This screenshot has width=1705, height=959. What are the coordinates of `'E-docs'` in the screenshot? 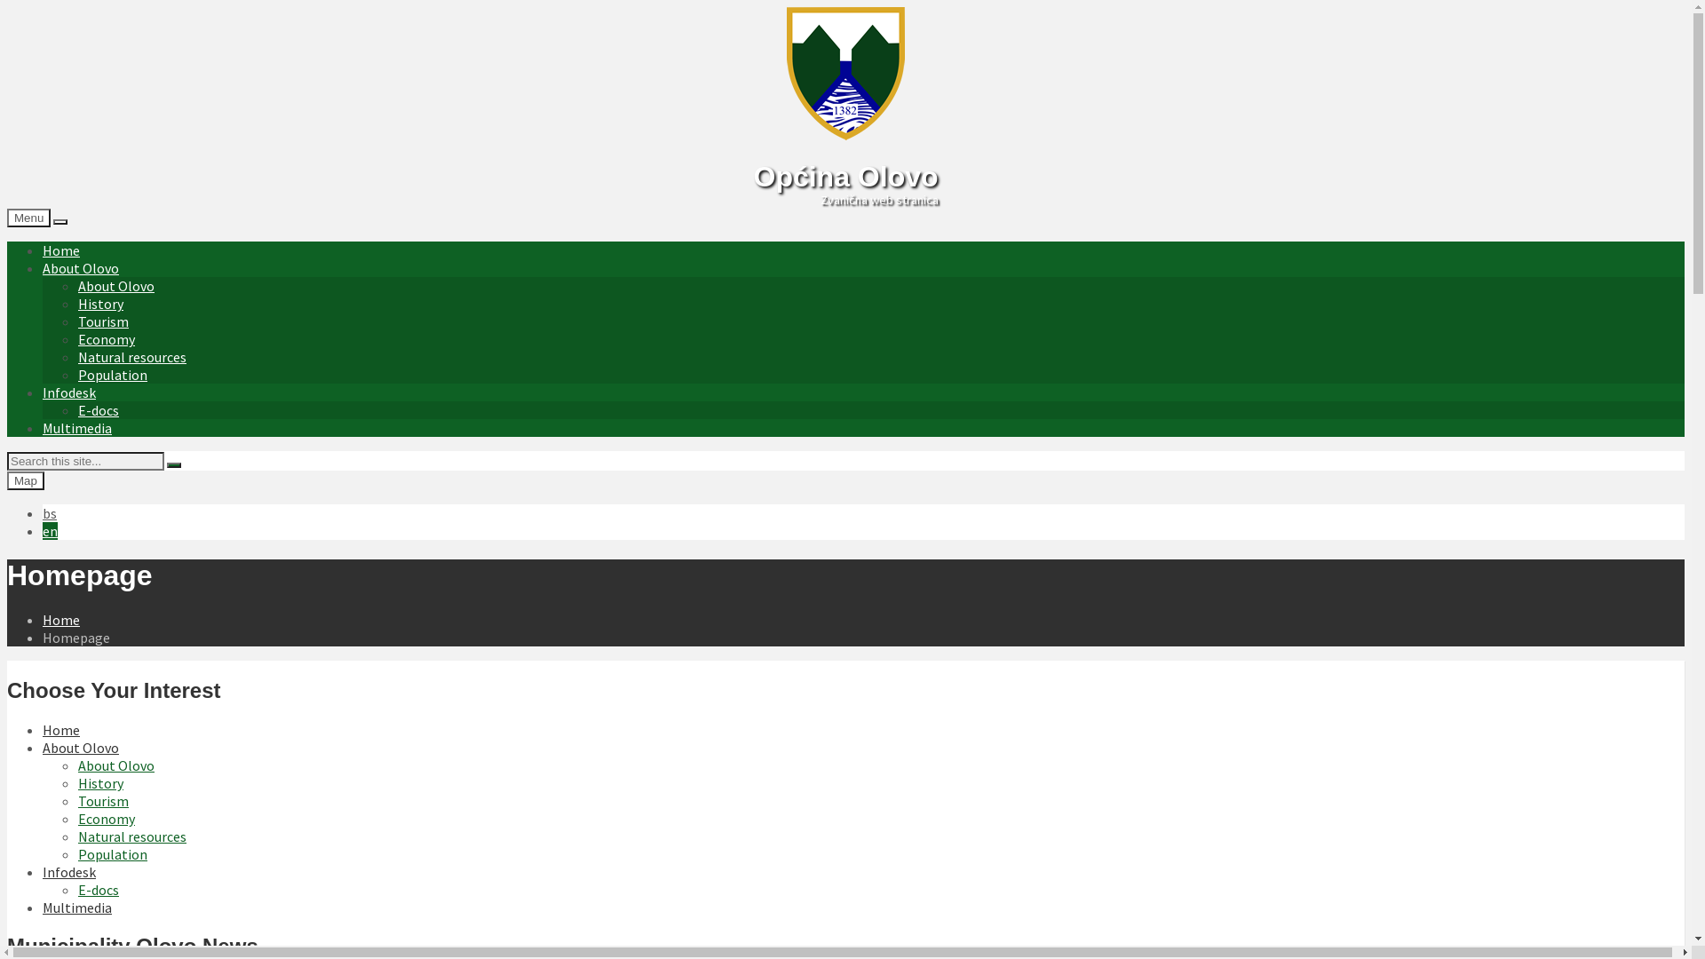 It's located at (97, 410).